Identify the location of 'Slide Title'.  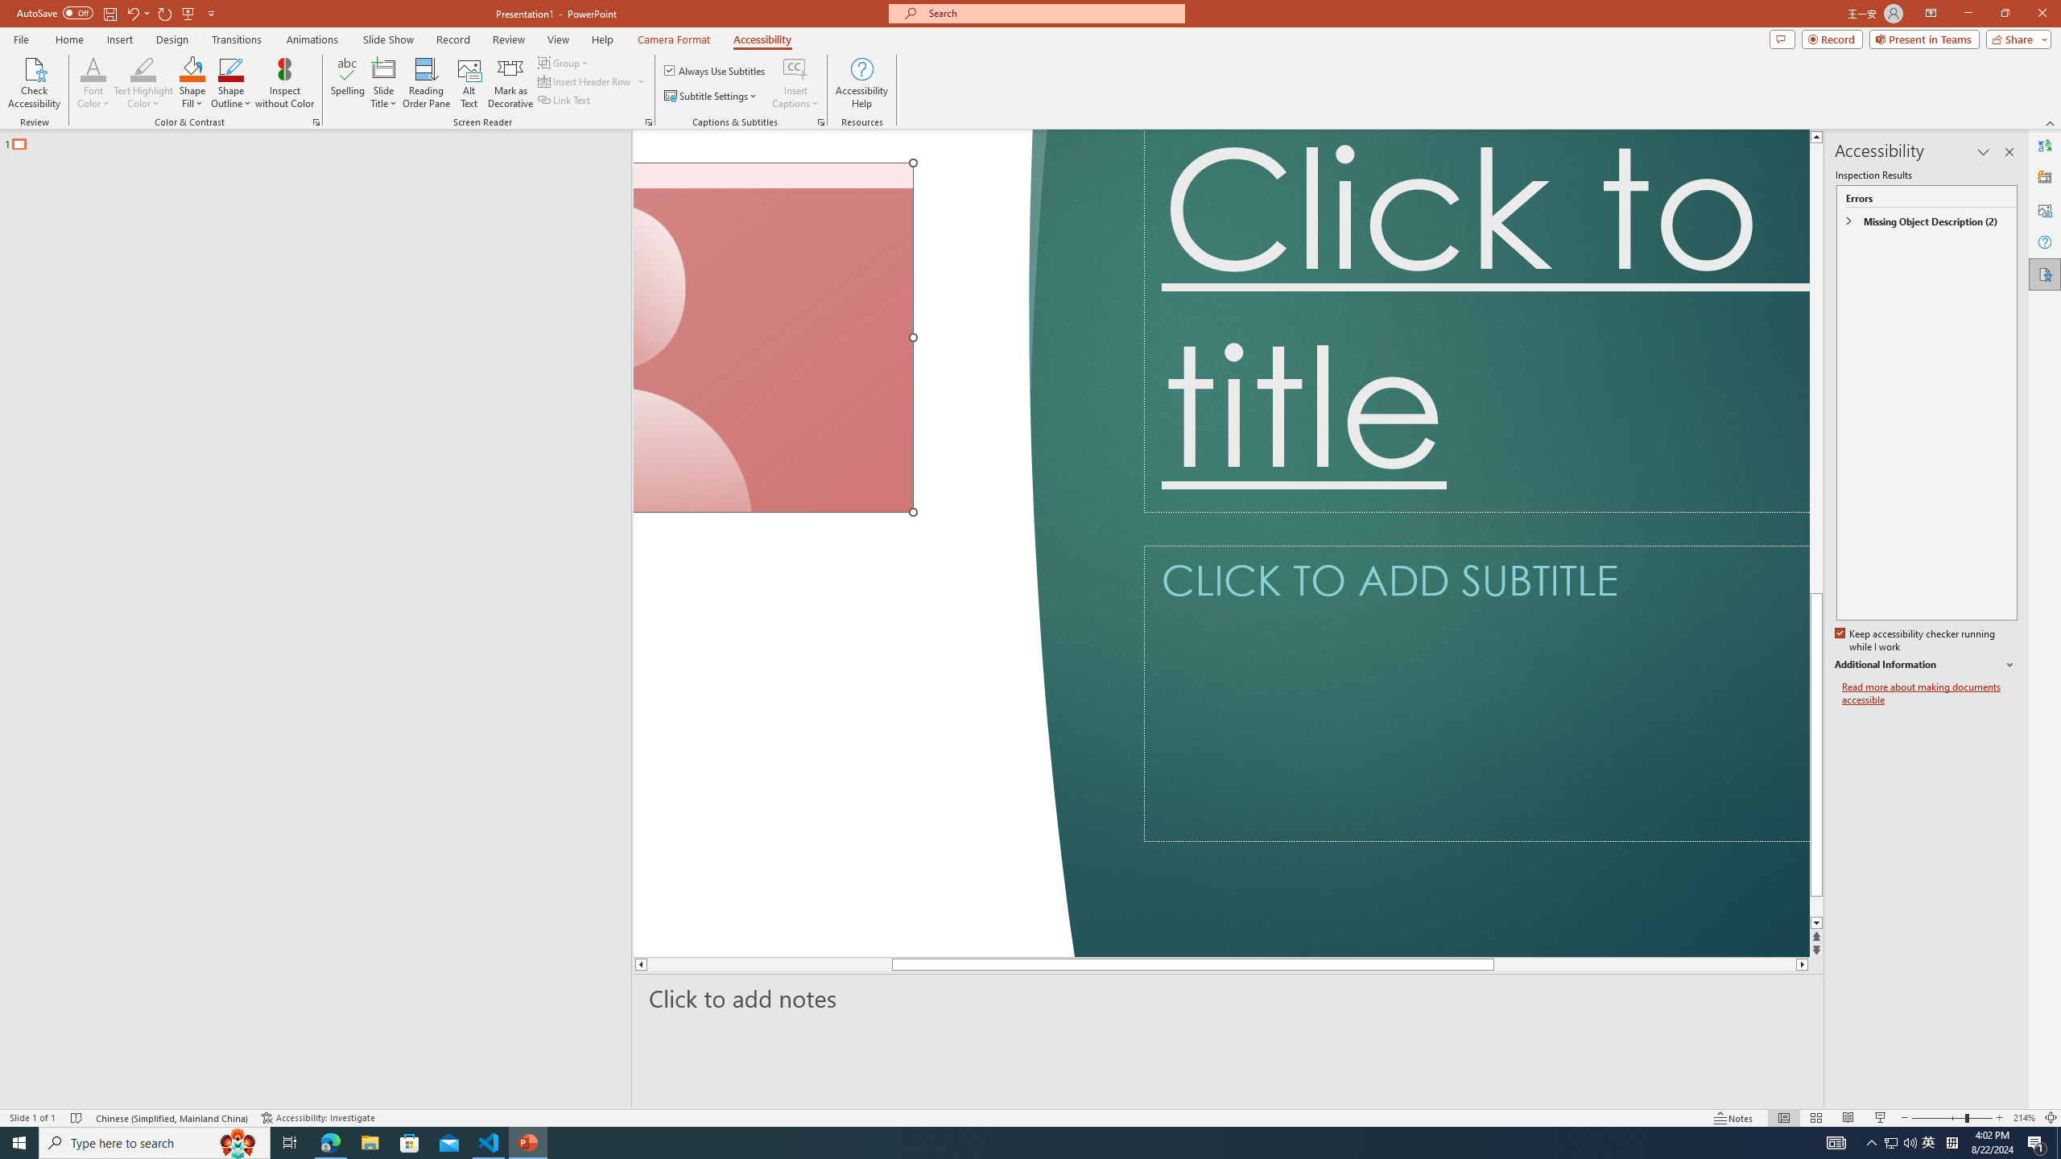
(383, 83).